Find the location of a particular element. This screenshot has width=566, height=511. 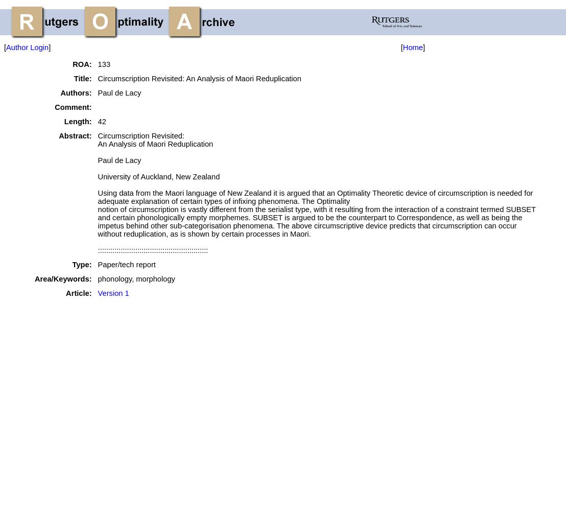

':::::::::::::::::::::::::::::::::::::::::::::::::::::' is located at coordinates (98, 250).